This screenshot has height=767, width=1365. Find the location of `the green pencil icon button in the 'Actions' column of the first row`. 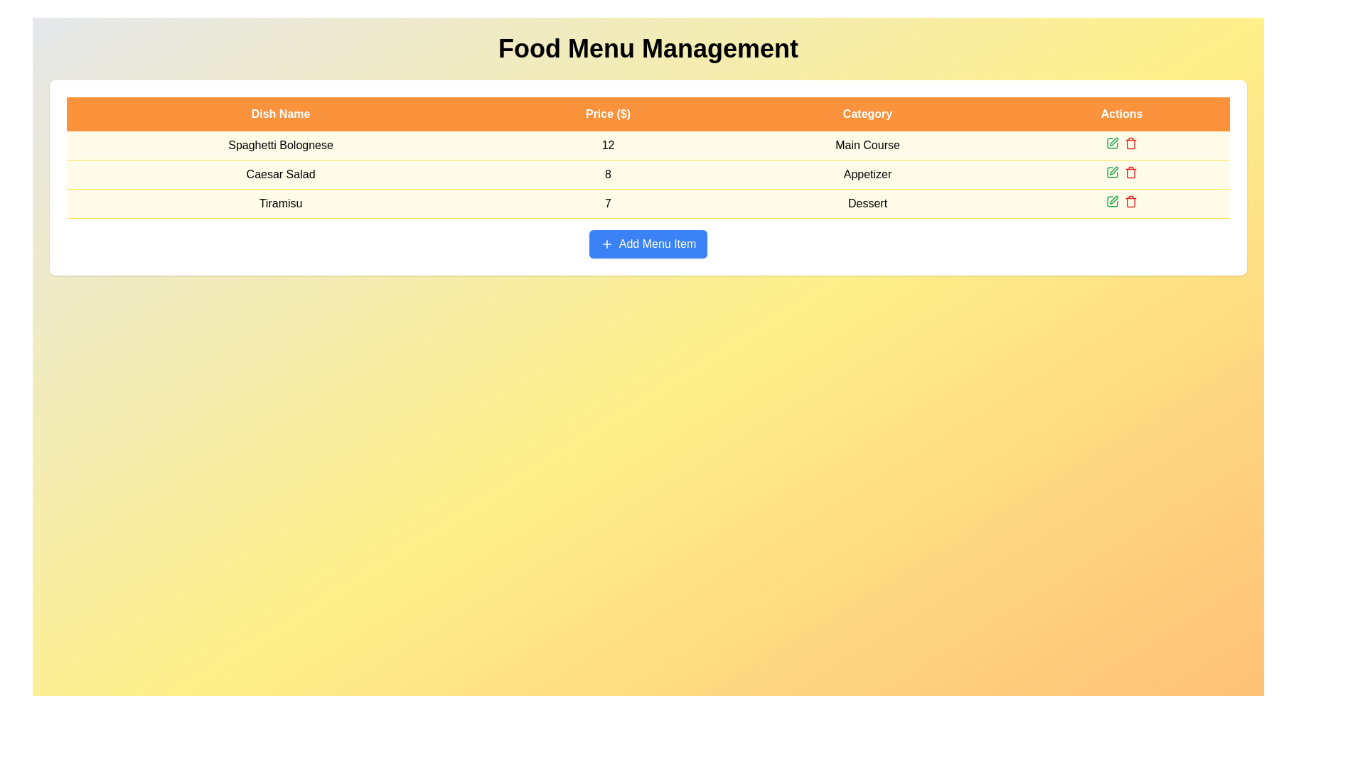

the green pencil icon button in the 'Actions' column of the first row is located at coordinates (1111, 143).